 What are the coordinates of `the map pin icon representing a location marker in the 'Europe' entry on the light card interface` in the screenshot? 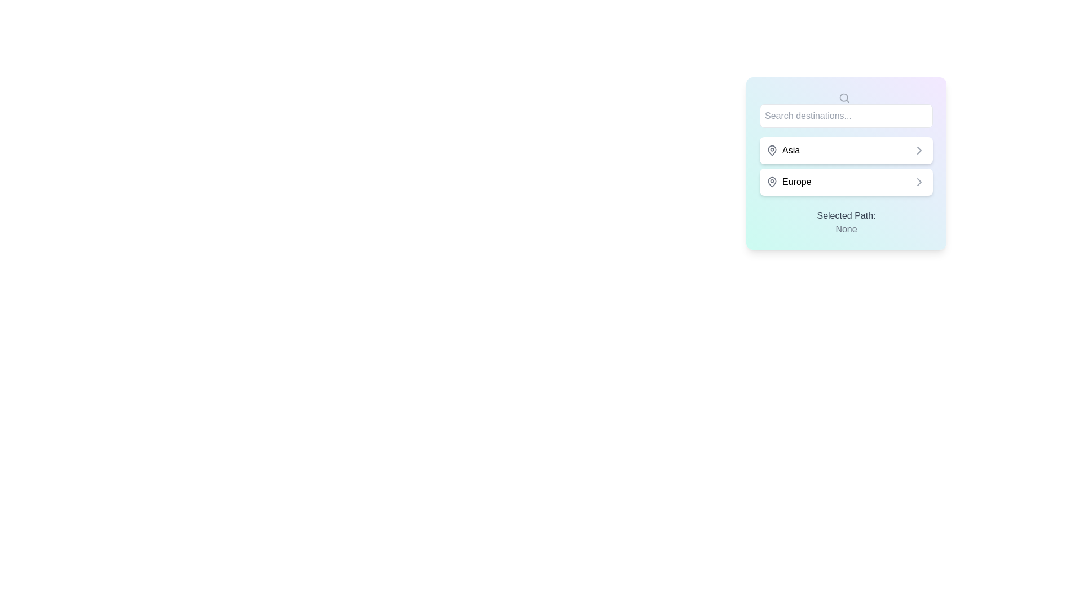 It's located at (771, 180).